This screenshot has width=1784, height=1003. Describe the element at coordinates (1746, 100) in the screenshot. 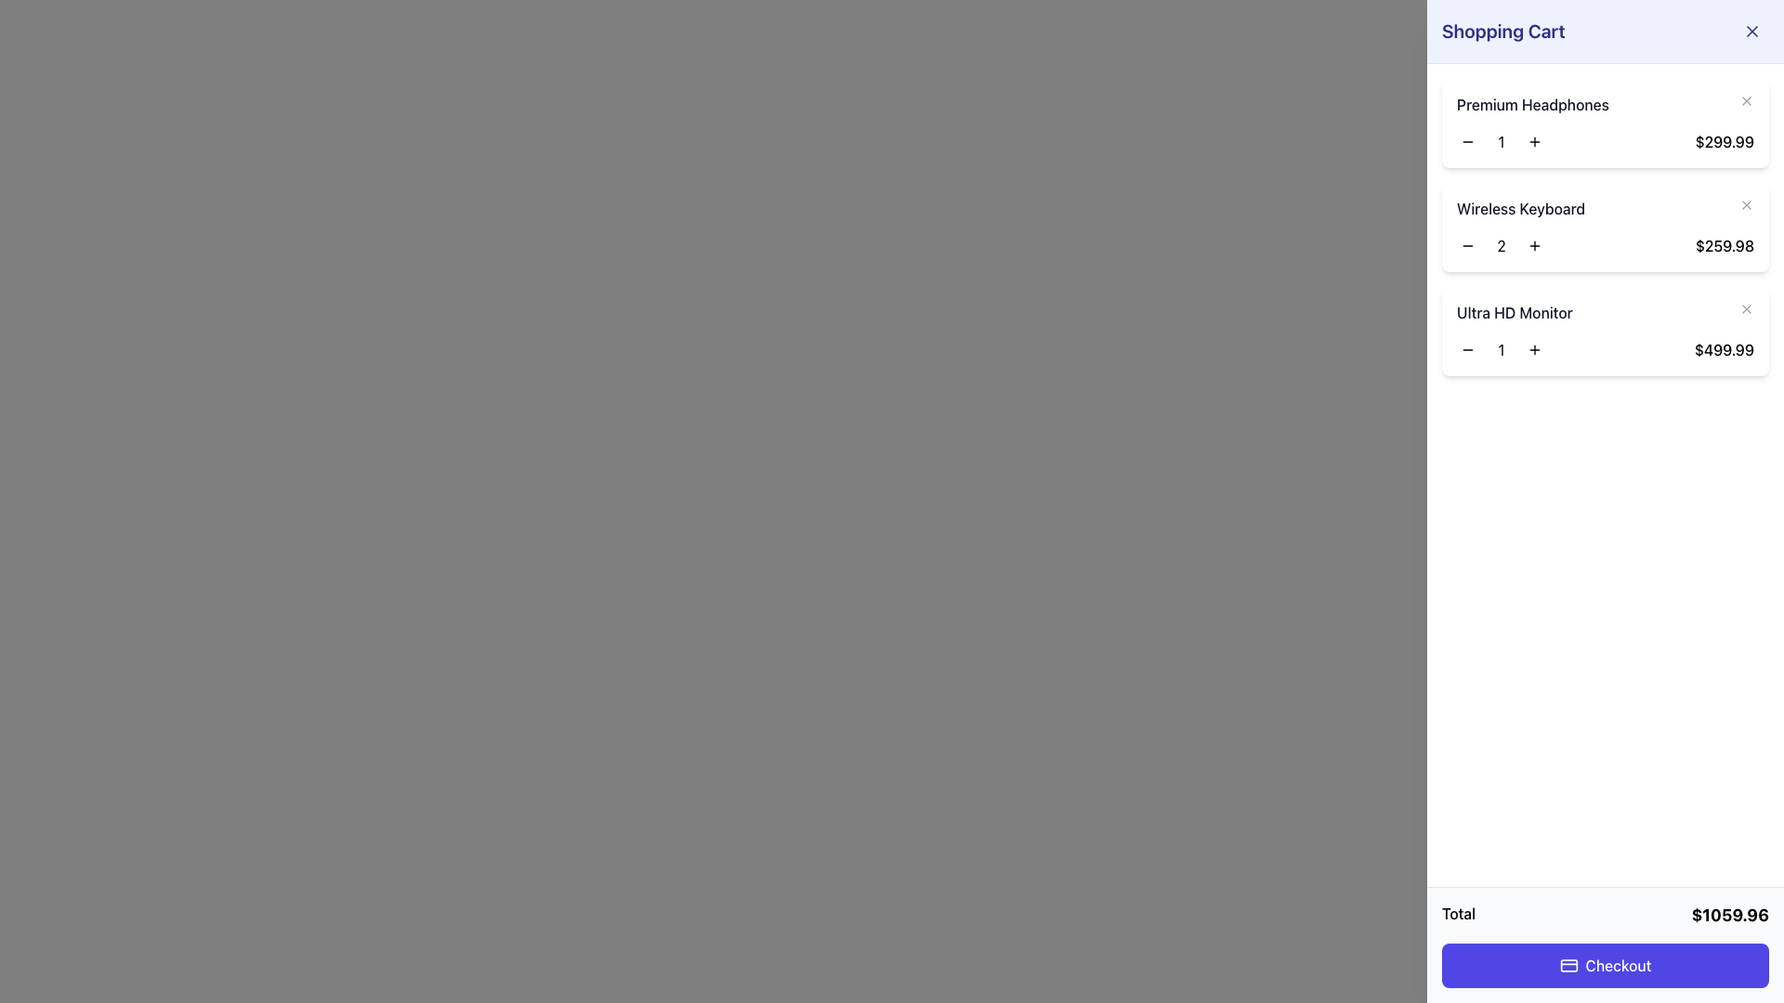

I see `the close (×) icon button located to the far right of 'Premium Headphones' in the shopping cart to change its color` at that location.